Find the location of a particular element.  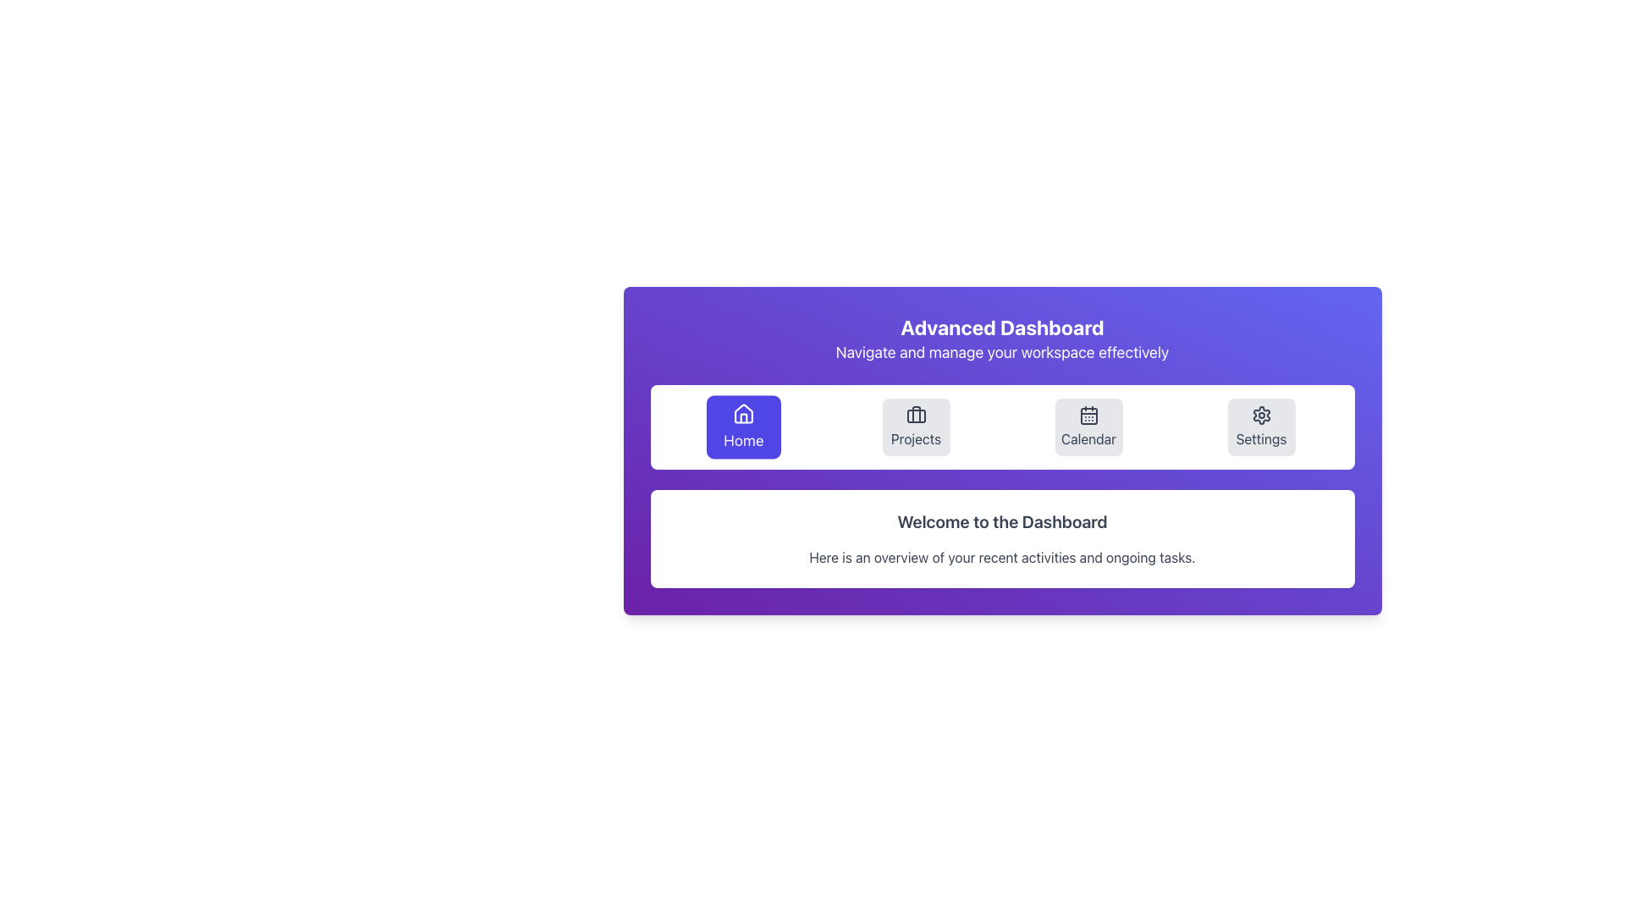

the 'Projects' button, which is a rectangular card-like button with a light gray background, rounded corners, a black briefcase icon at the top, and the text 'Projects' in dark gray below it is located at coordinates (915, 427).